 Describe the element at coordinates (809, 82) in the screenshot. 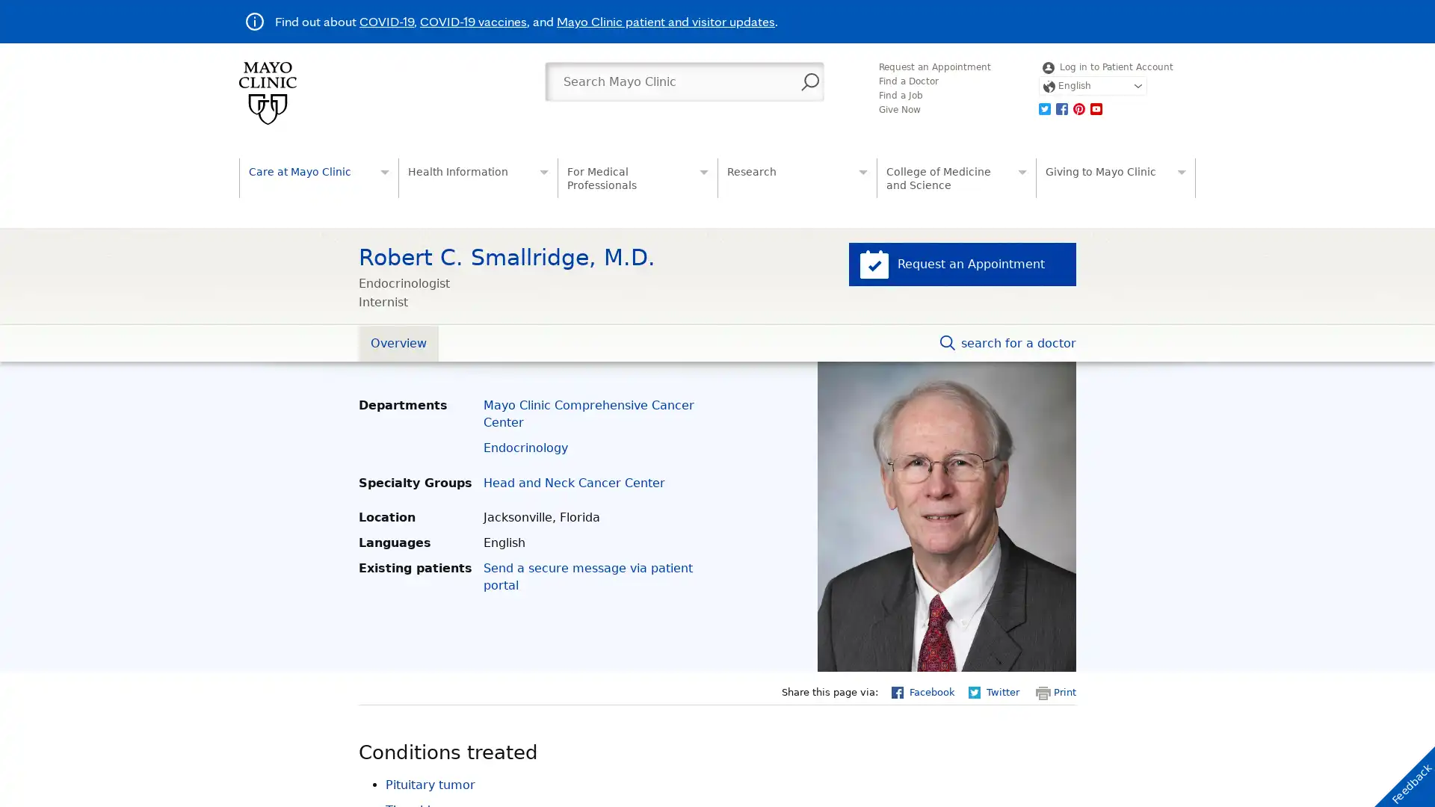

I see `Search` at that location.